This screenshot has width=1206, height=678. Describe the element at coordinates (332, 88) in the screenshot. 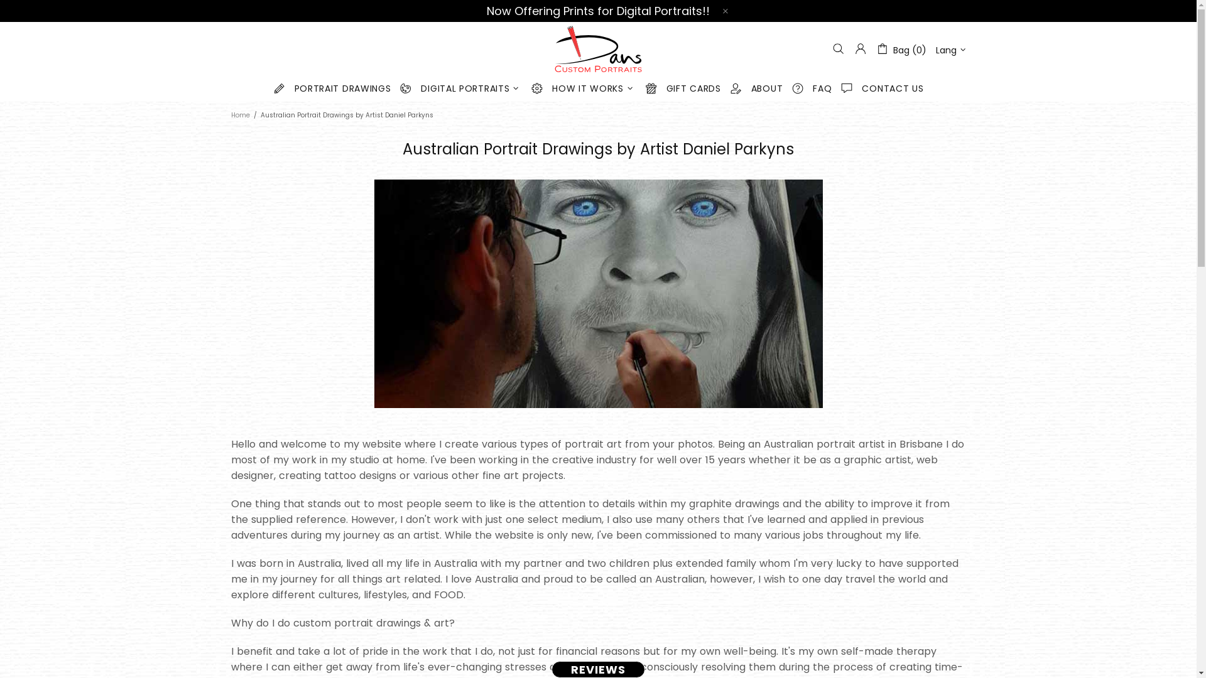

I see `'PORTRAIT DRAWINGS'` at that location.